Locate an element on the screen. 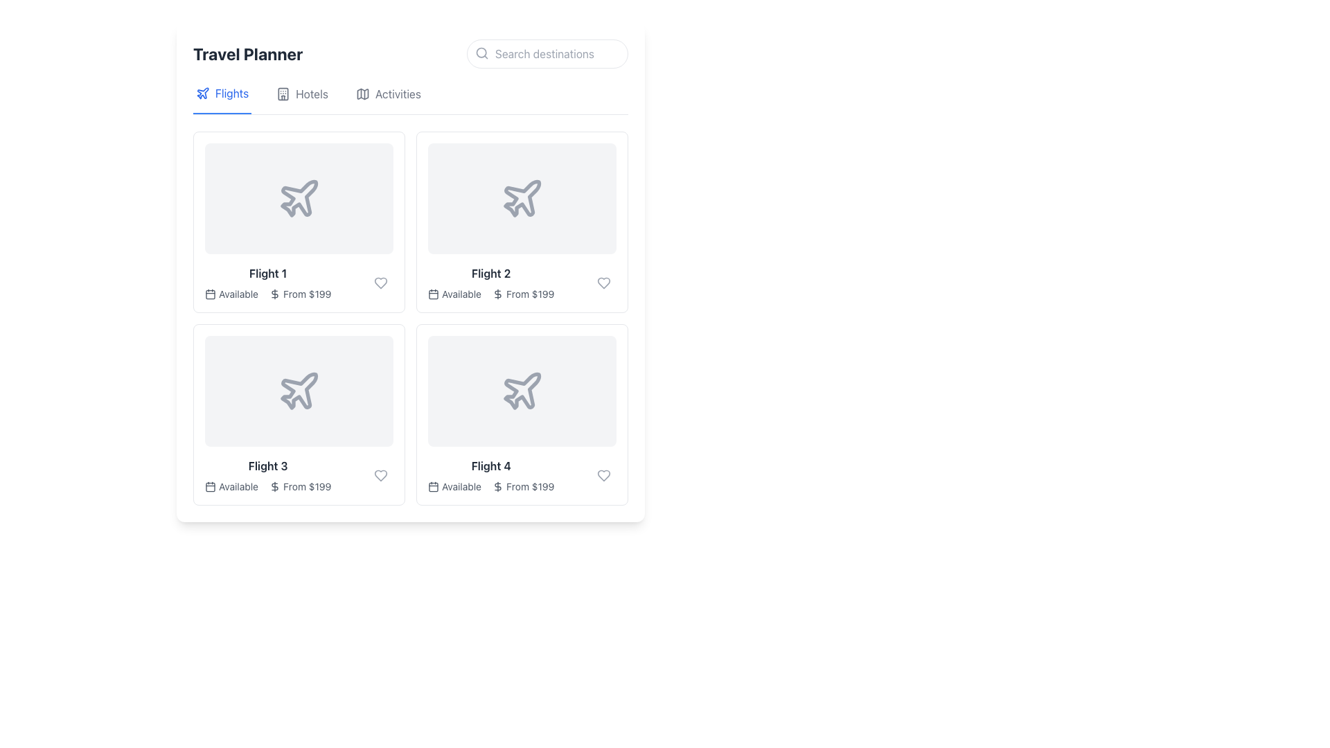  the circular favorite button with a heart icon located in the 'Flight 2' section, adjacent to the text 'From $199', to mark the item as a favorite is located at coordinates (604, 282).